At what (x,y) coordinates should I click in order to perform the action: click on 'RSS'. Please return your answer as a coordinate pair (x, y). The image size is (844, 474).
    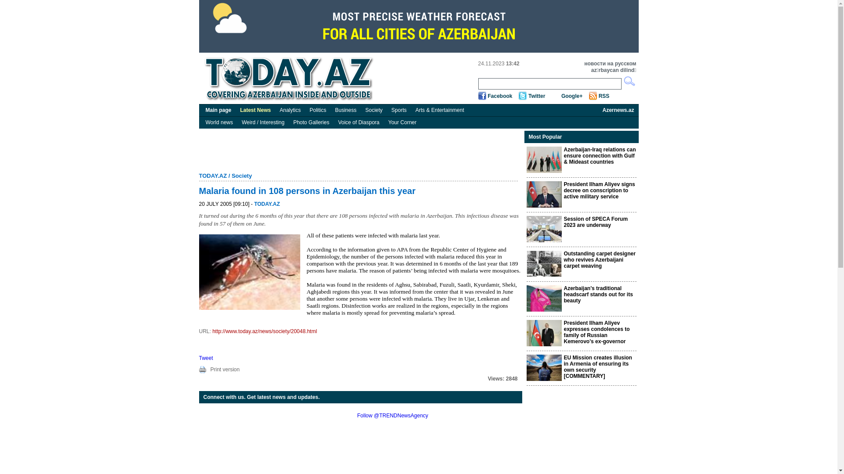
    Looking at the image, I should click on (598, 96).